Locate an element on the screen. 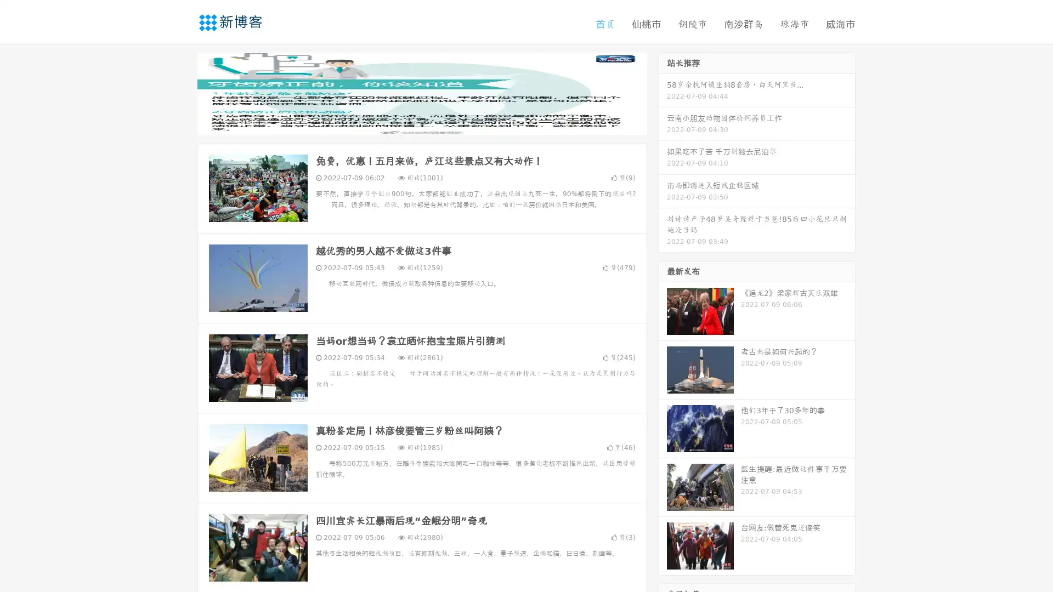 The height and width of the screenshot is (592, 1053). Go to slide 3 is located at coordinates (433, 123).